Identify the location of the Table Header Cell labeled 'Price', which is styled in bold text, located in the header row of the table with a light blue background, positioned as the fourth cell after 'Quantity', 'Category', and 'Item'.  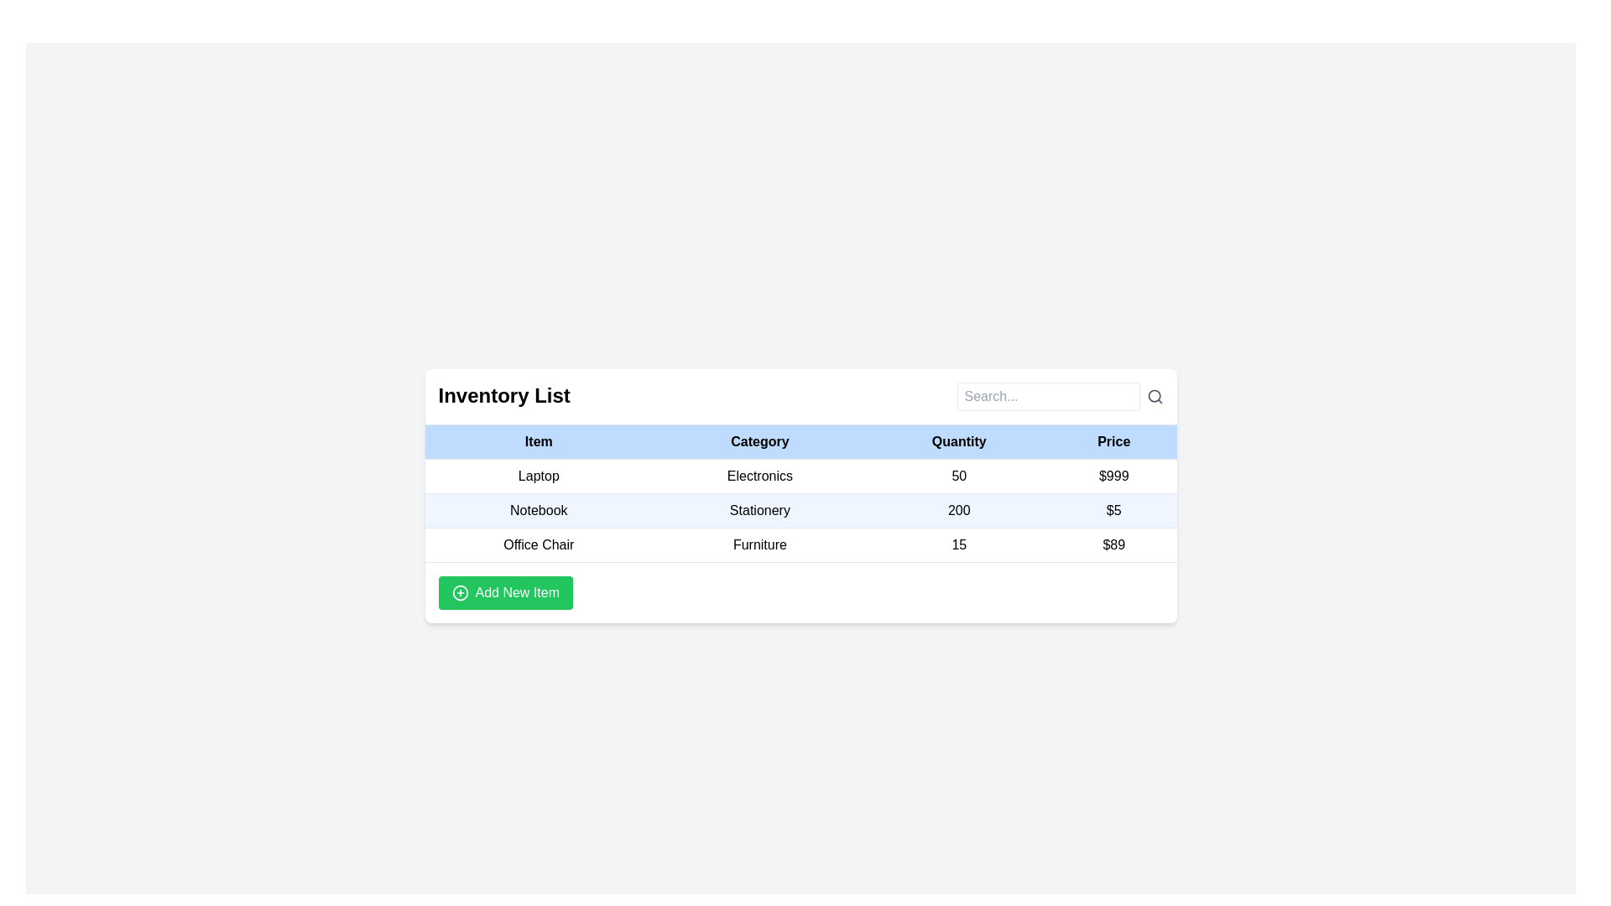
(1113, 440).